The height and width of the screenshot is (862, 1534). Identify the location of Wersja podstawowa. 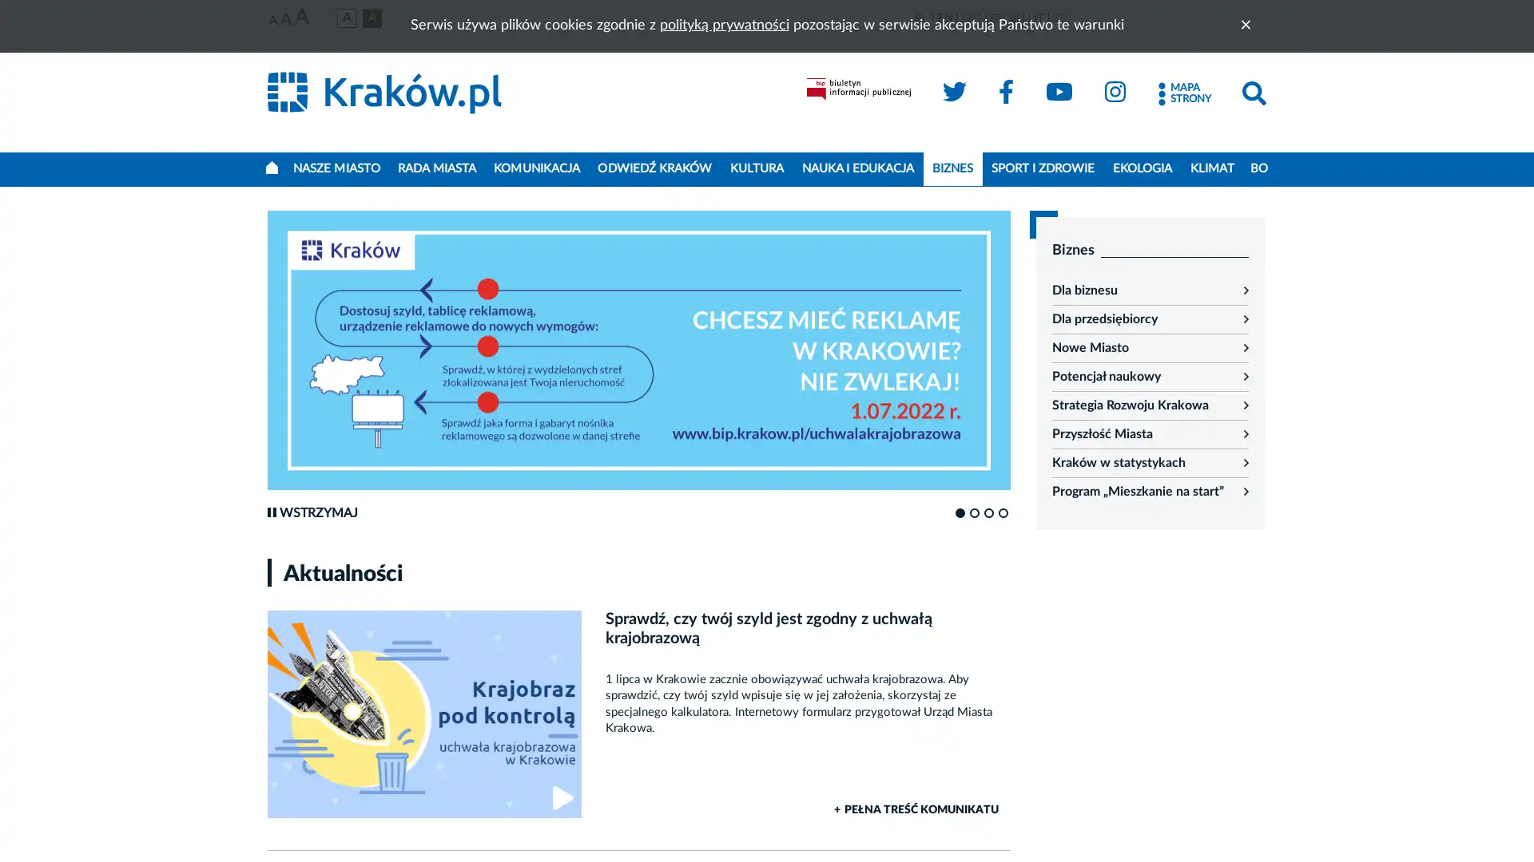
(345, 18).